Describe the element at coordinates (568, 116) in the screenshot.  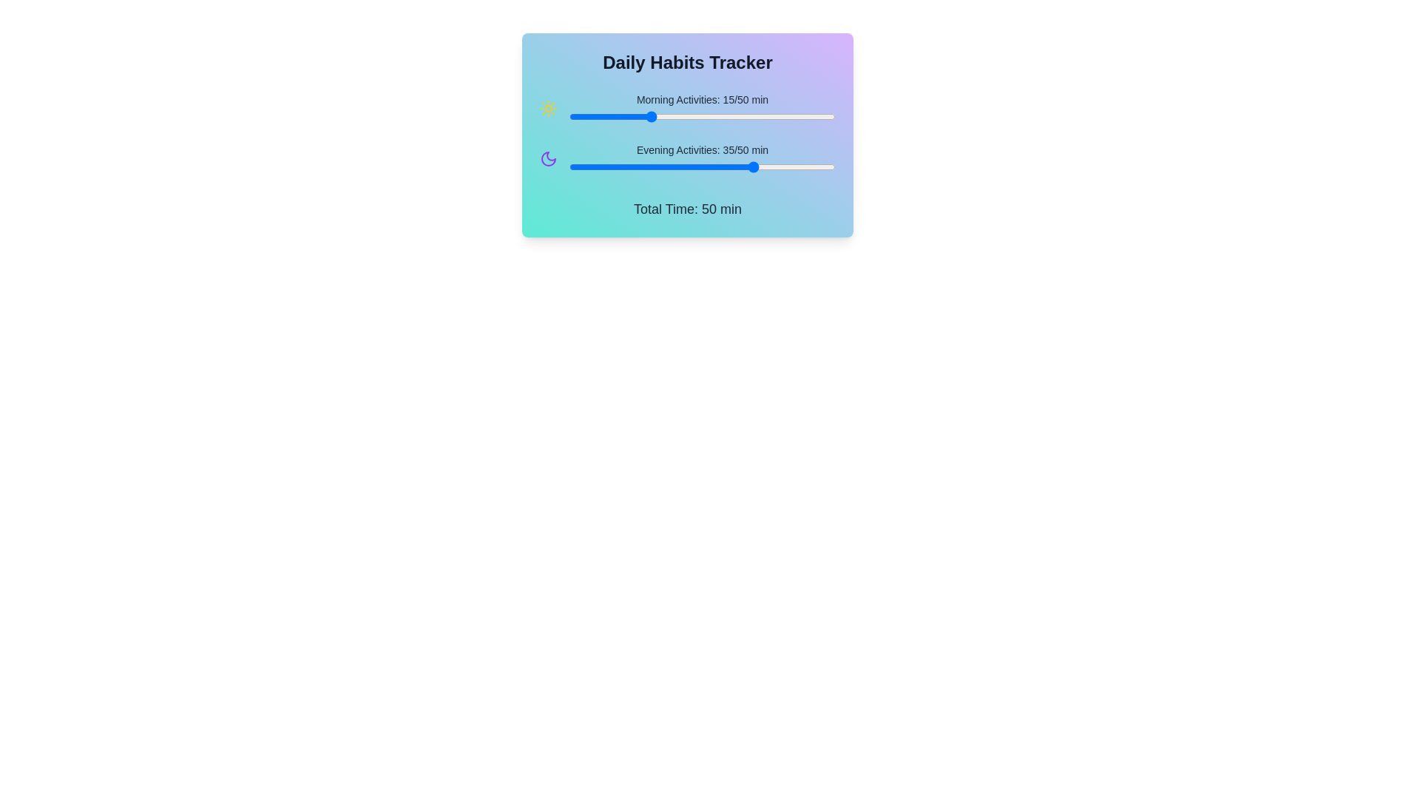
I see `the morning activities slider` at that location.